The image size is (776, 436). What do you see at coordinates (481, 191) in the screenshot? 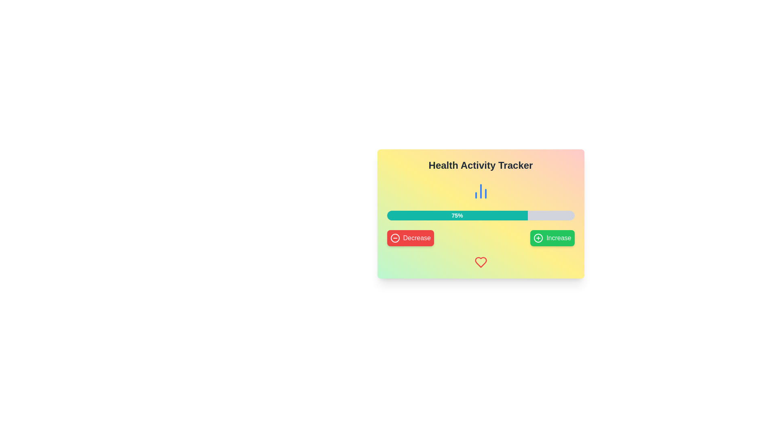
I see `the centered icon within the 'Health Activity Tracker' section, which is represented by three blue bars against a gradient background` at bounding box center [481, 191].